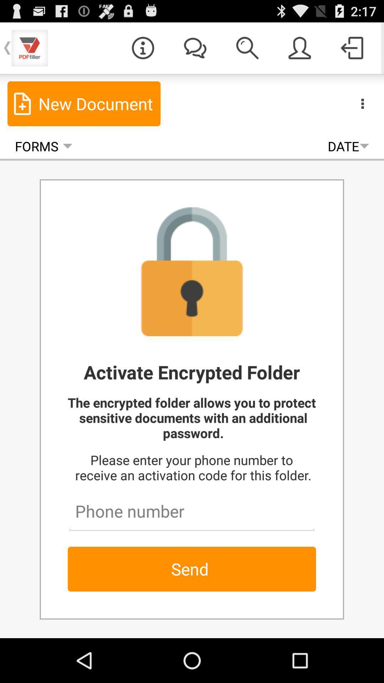  What do you see at coordinates (362, 110) in the screenshot?
I see `the more icon` at bounding box center [362, 110].